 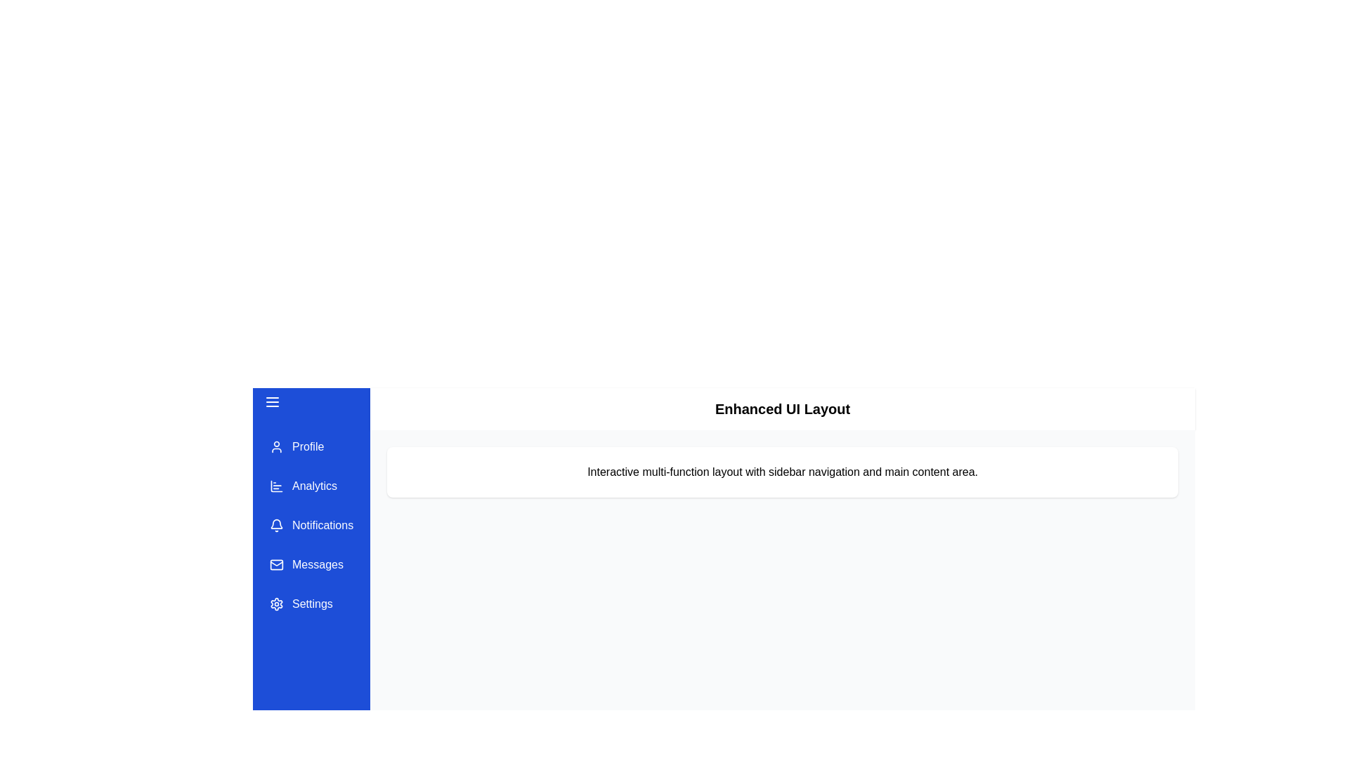 I want to click on the 'Messages' text label located in the sidebar menu, so click(x=317, y=564).